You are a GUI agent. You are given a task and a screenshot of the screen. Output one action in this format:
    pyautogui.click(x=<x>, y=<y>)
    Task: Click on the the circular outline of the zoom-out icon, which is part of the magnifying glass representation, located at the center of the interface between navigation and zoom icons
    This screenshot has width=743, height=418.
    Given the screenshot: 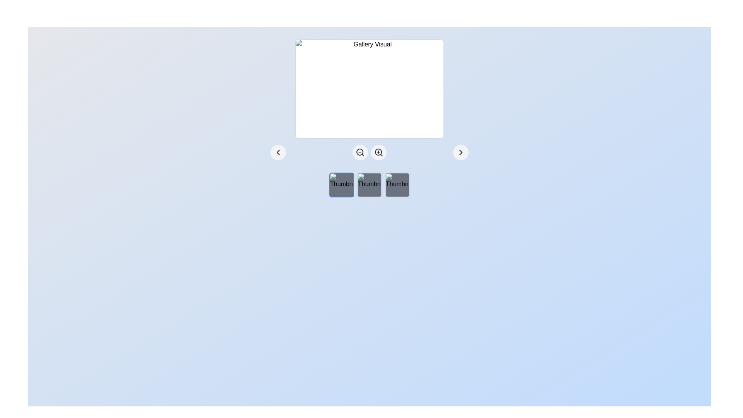 What is the action you would take?
    pyautogui.click(x=360, y=152)
    